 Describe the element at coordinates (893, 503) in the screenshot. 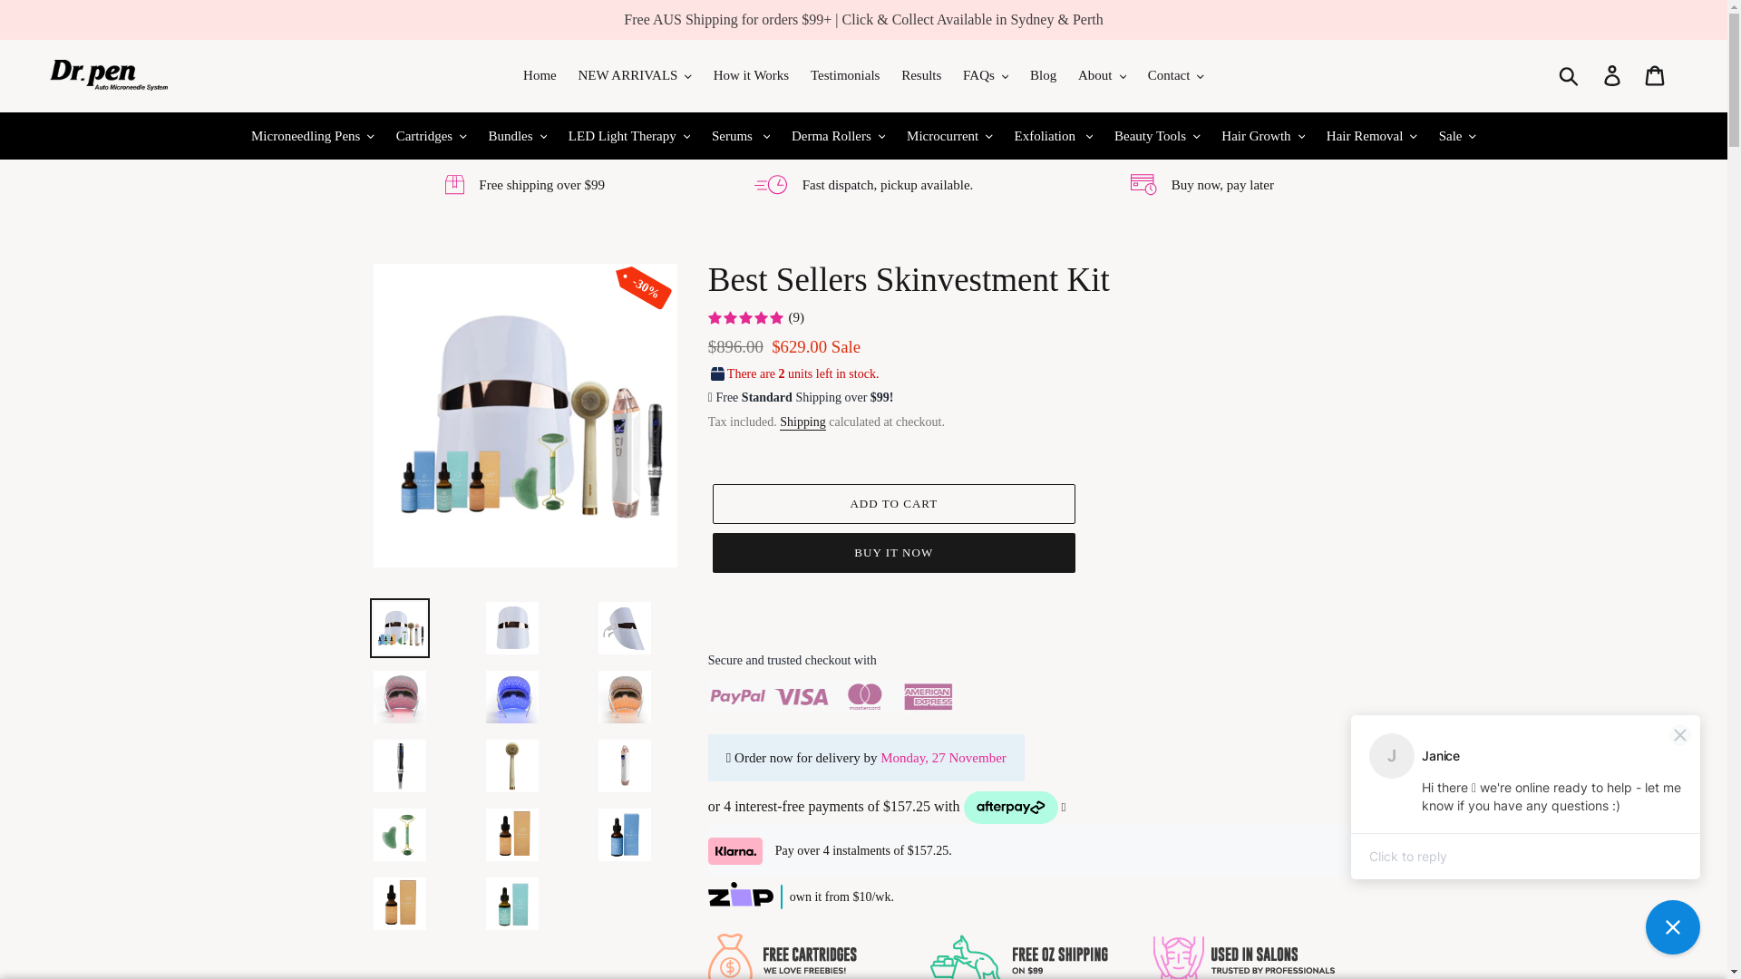

I see `'ADD TO CART'` at that location.